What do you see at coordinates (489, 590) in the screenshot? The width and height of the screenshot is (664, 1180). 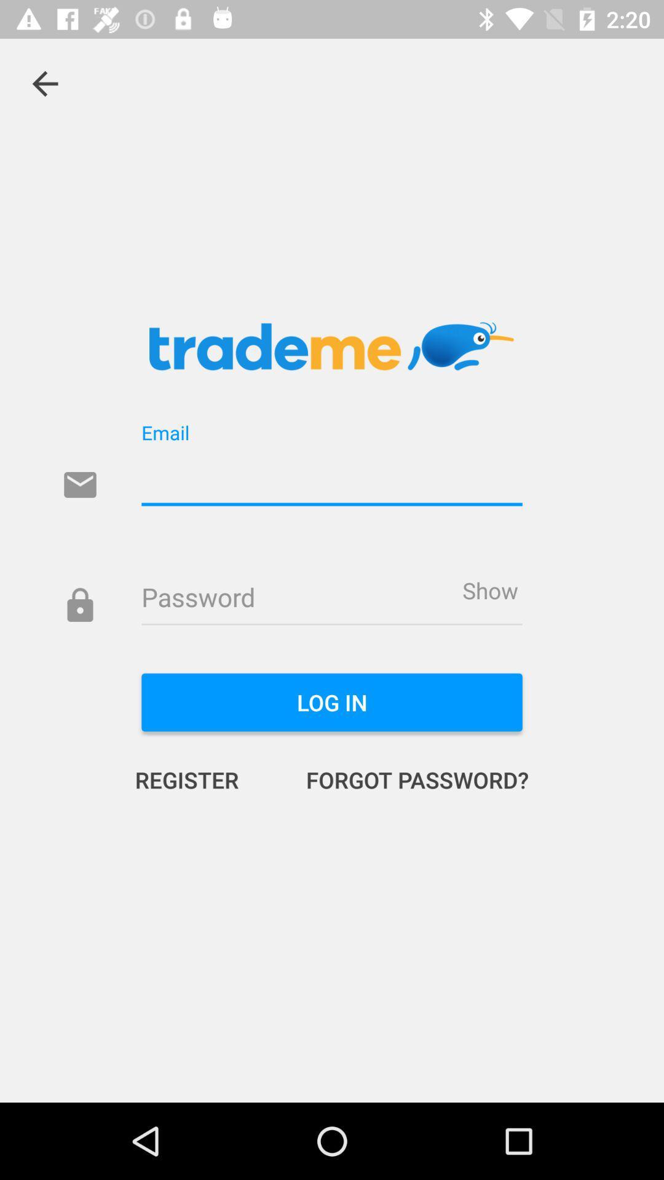 I see `icon on the right` at bounding box center [489, 590].